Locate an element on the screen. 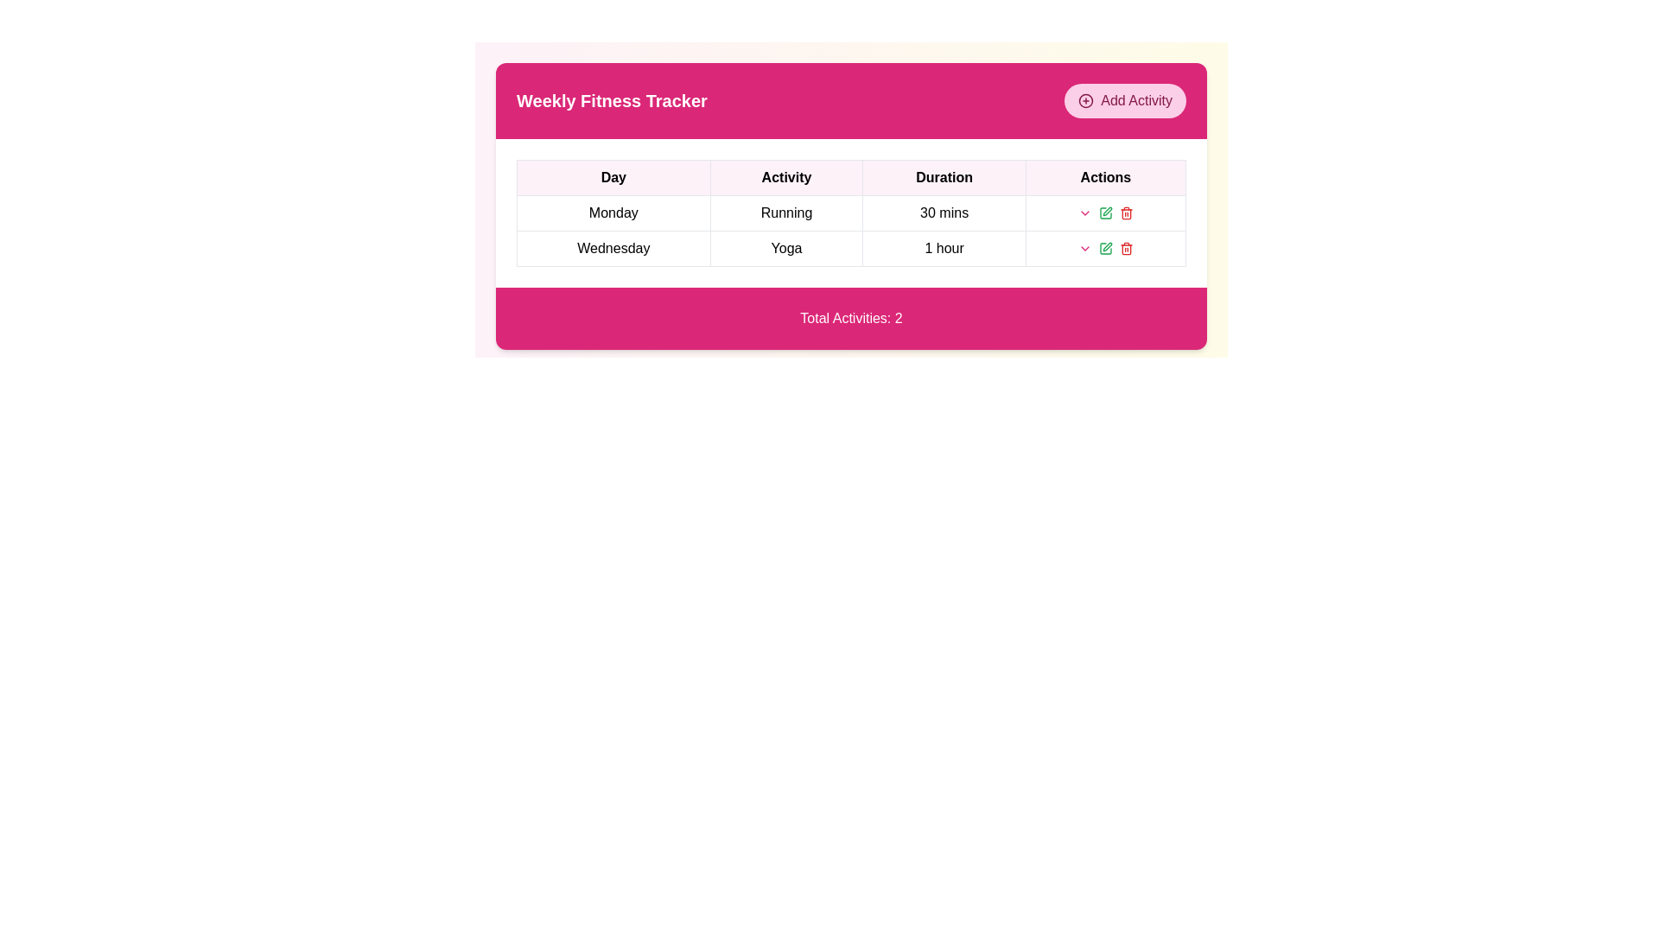 The height and width of the screenshot is (933, 1659). the button located in the top-right corner of the header section beside the title 'Weekly Fitness Tracker' is located at coordinates (1125, 100).